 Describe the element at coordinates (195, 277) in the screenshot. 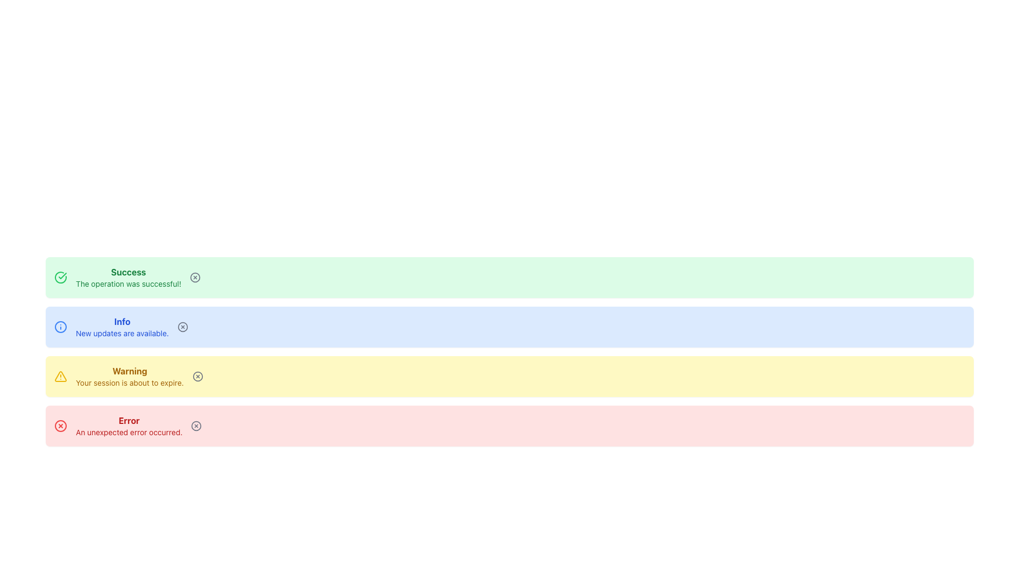

I see `the button located at the right end of the success alert notification` at that location.